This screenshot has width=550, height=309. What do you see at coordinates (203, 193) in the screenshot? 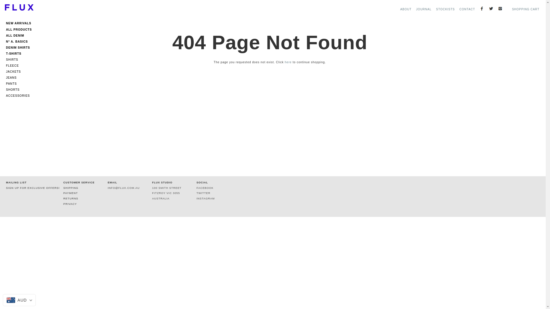
I see `'TWITTER'` at bounding box center [203, 193].